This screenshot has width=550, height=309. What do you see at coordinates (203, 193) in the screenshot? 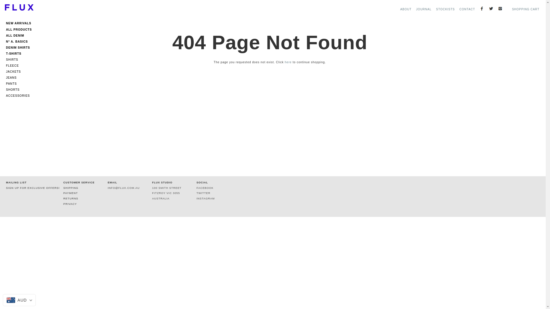
I see `'TWITTER'` at bounding box center [203, 193].